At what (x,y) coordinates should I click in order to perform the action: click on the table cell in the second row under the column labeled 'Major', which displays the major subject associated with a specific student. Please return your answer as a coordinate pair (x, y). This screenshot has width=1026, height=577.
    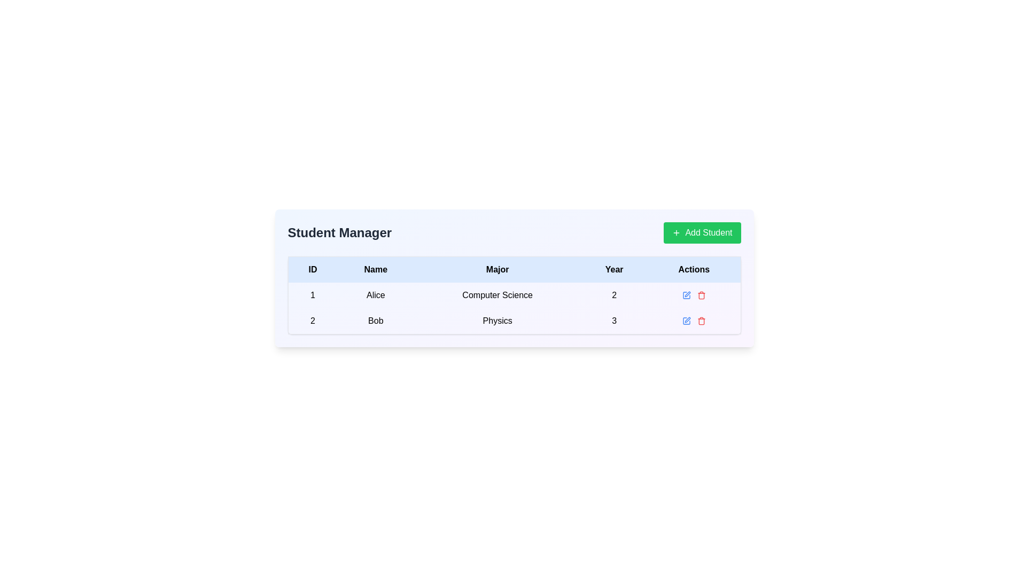
    Looking at the image, I should click on (514, 321).